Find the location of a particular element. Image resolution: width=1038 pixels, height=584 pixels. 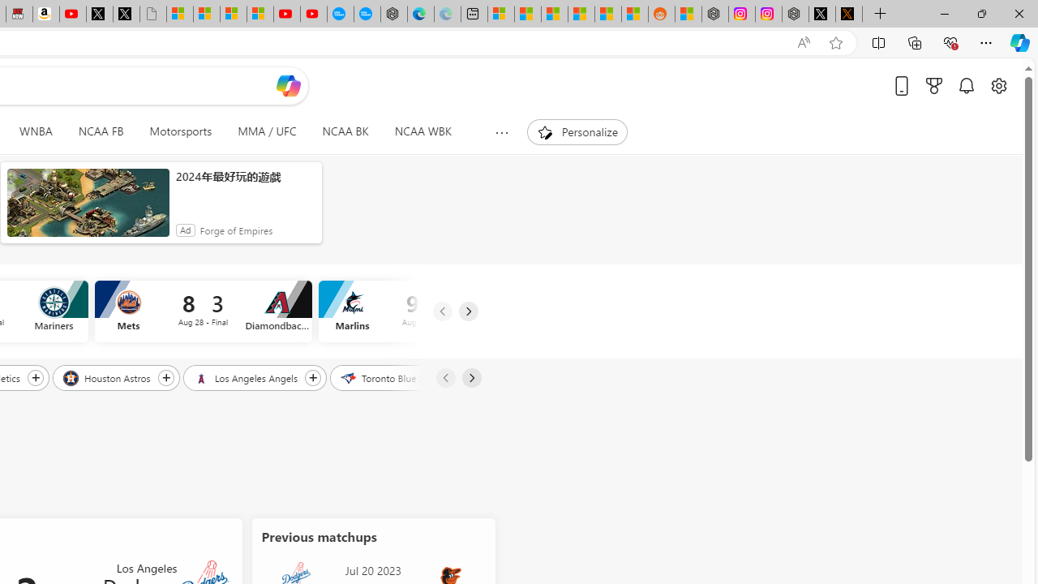

'Untitled' is located at coordinates (152, 14).